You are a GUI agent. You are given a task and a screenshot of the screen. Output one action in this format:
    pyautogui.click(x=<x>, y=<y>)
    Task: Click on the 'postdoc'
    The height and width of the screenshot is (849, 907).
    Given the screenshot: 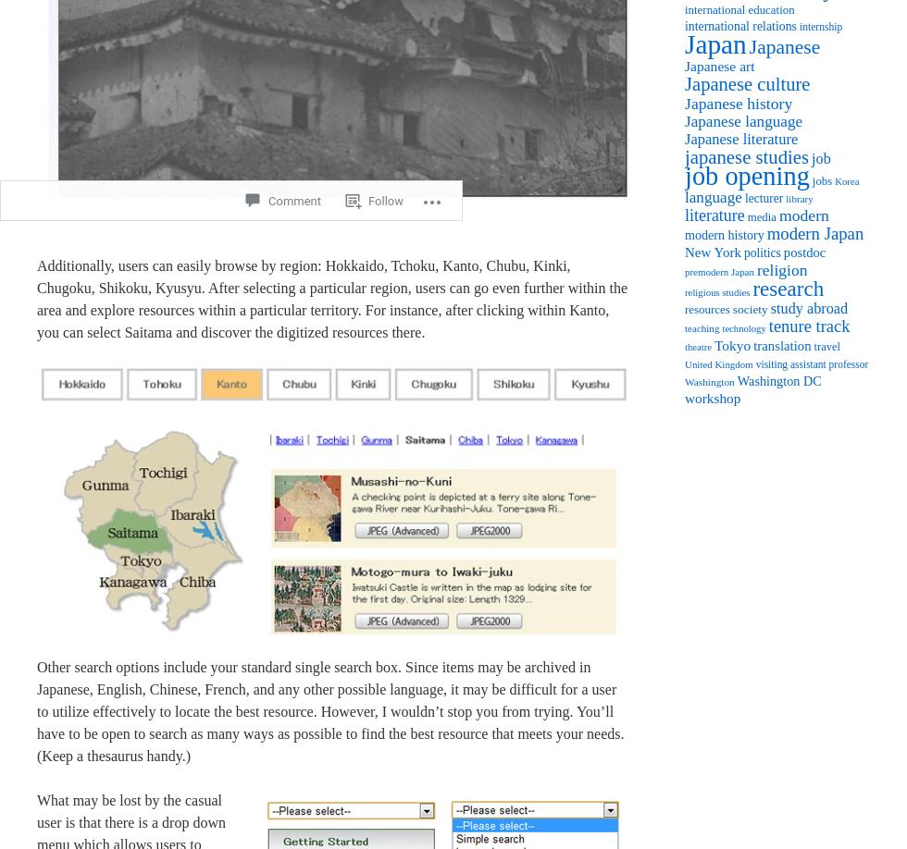 What is the action you would take?
    pyautogui.click(x=803, y=252)
    